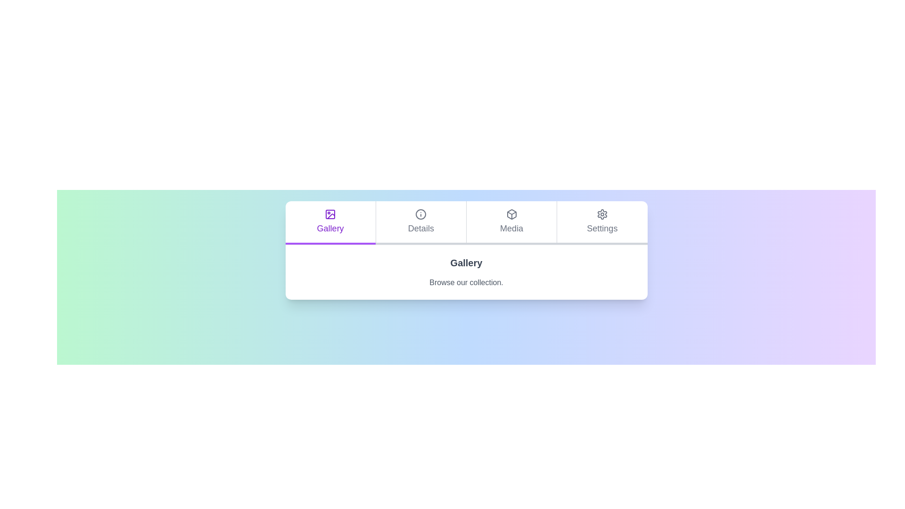 The width and height of the screenshot is (905, 509). Describe the element at coordinates (330, 223) in the screenshot. I see `the Gallery tab by clicking on its label or icon` at that location.